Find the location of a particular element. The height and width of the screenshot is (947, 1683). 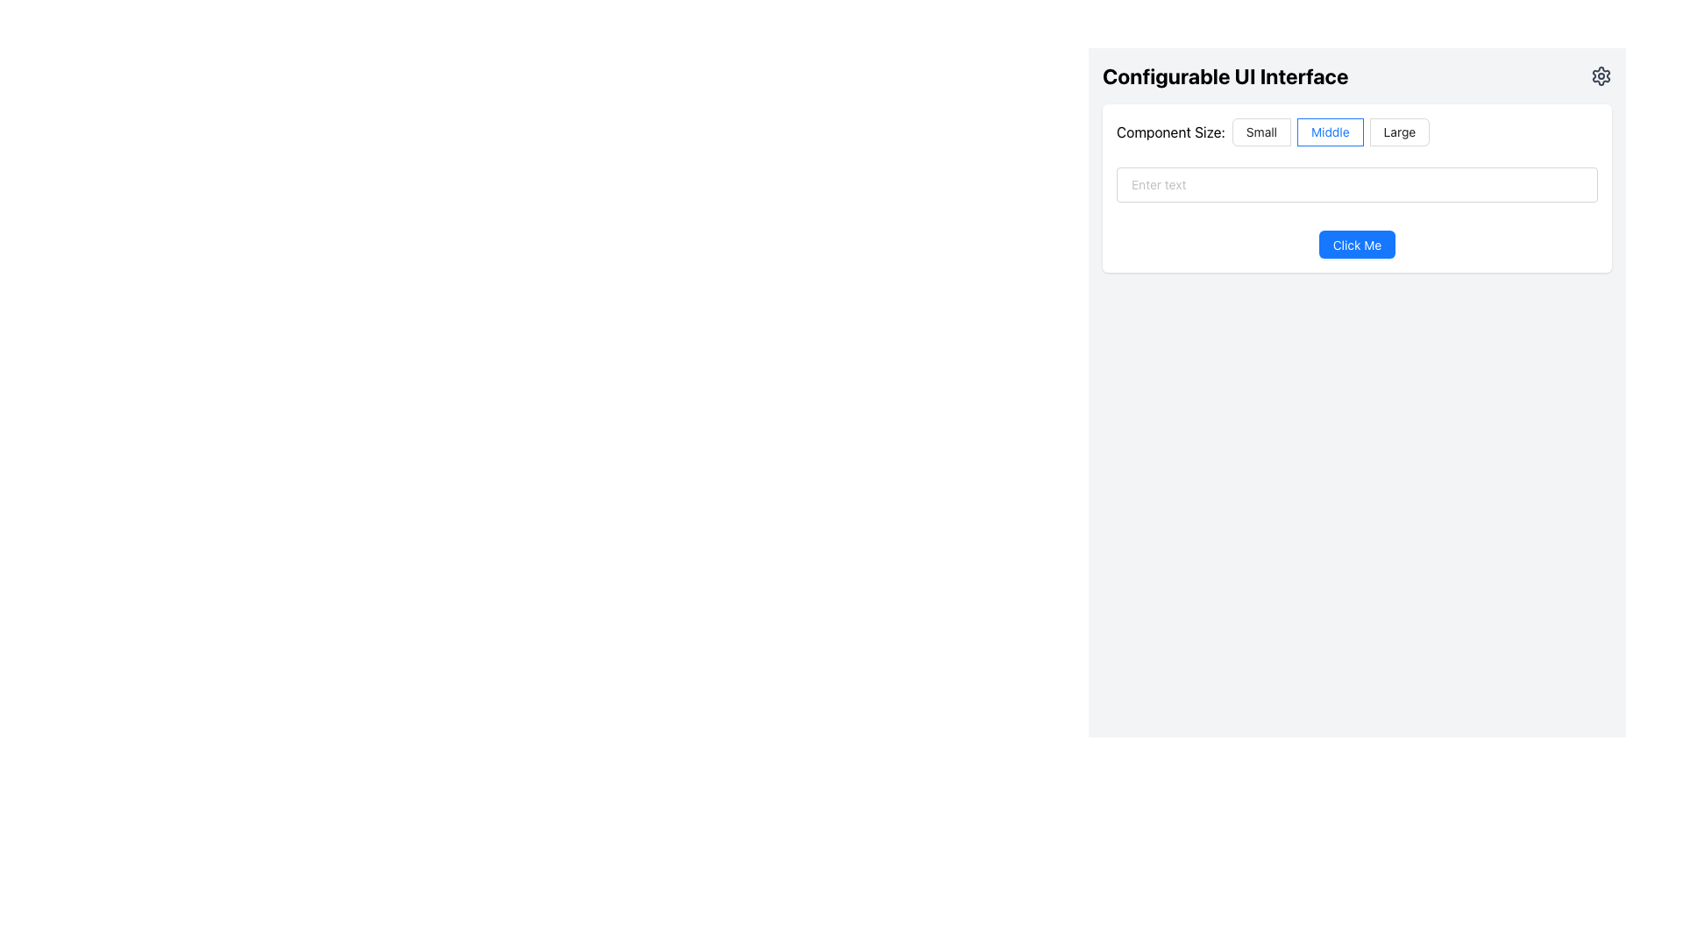

the Settings icon button located to the far right of the 'Configurable UI Interface' header is located at coordinates (1601, 75).